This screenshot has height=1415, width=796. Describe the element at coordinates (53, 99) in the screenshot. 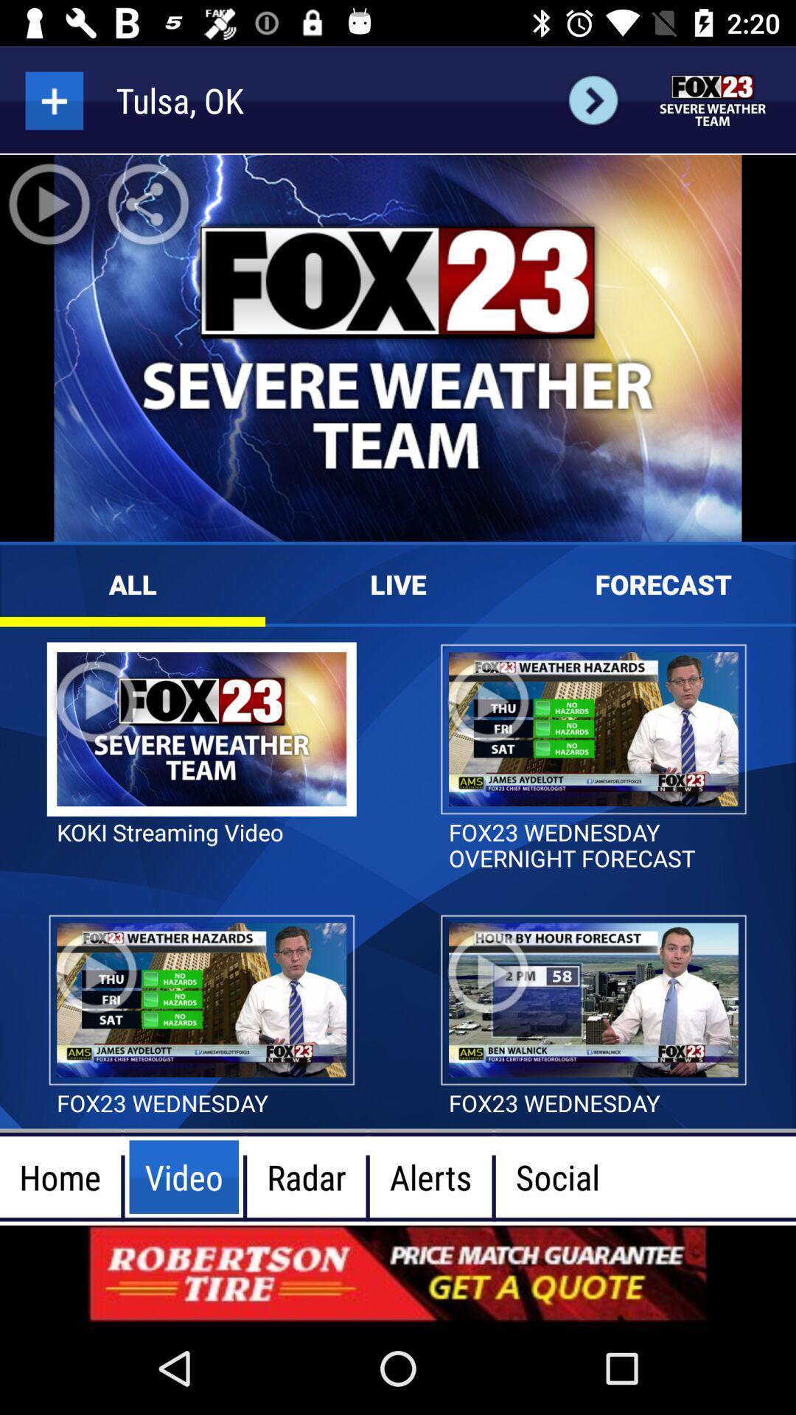

I see `the add icon` at that location.